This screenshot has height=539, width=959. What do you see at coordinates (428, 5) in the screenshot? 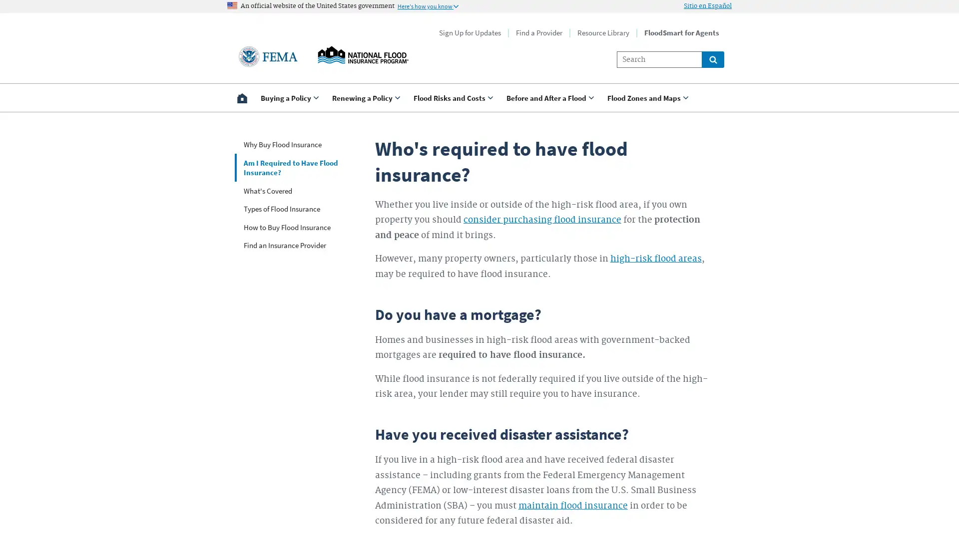
I see `Information to identify secure official US Government websites` at bounding box center [428, 5].